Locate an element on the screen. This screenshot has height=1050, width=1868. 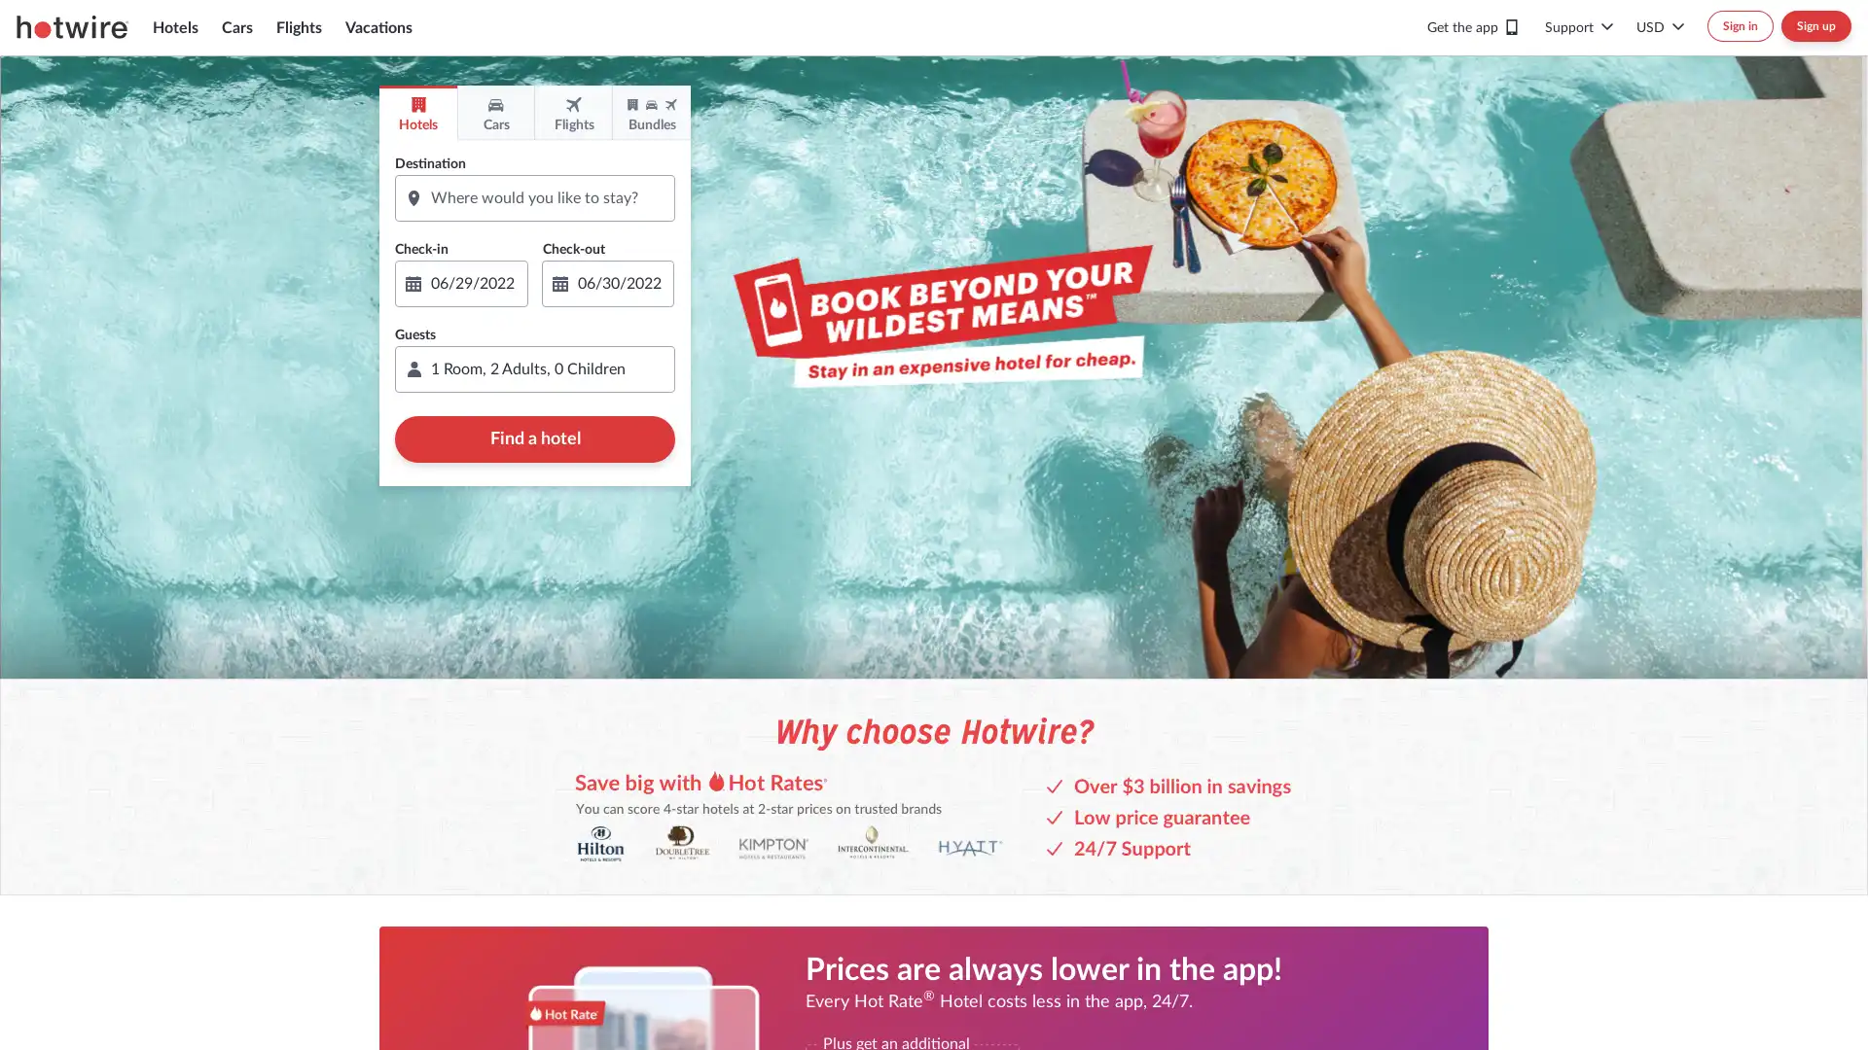
Find a hotel is located at coordinates (535, 438).